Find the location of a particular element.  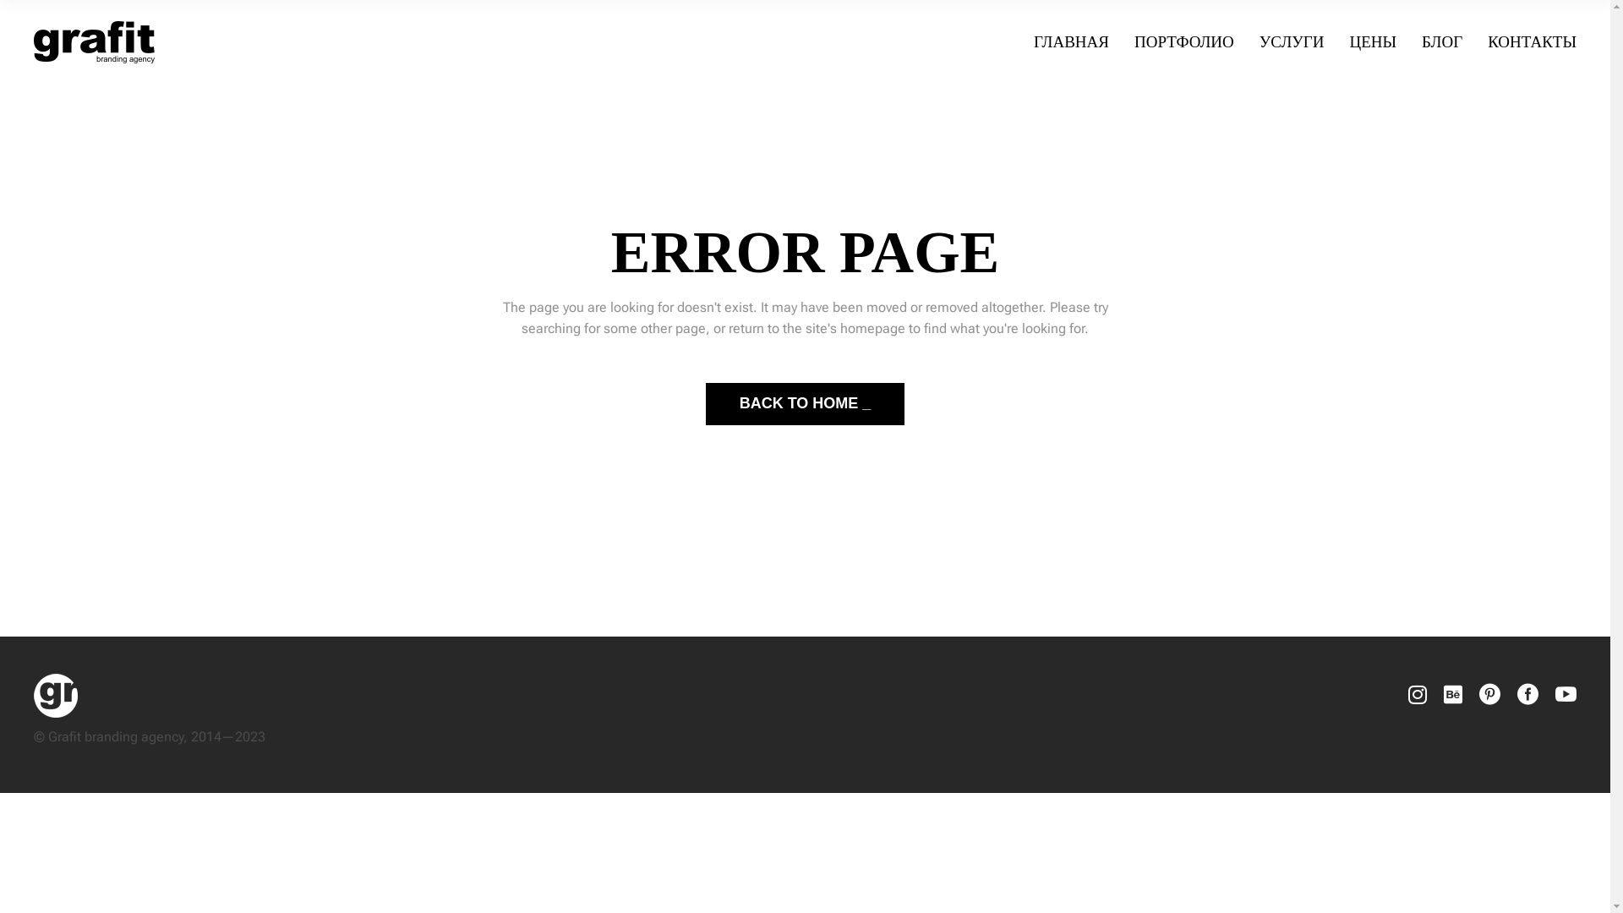

'BACK TO HOME _' is located at coordinates (805, 404).